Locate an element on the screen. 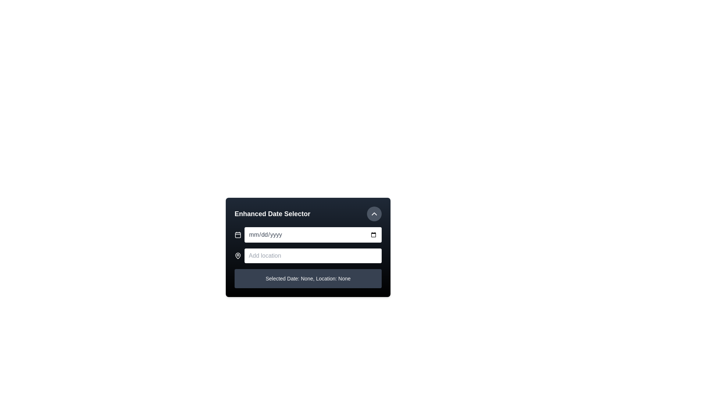  the circular button with a dark gray background and a chevron arrow icon pointing upwards to observe the hover effect is located at coordinates (374, 214).